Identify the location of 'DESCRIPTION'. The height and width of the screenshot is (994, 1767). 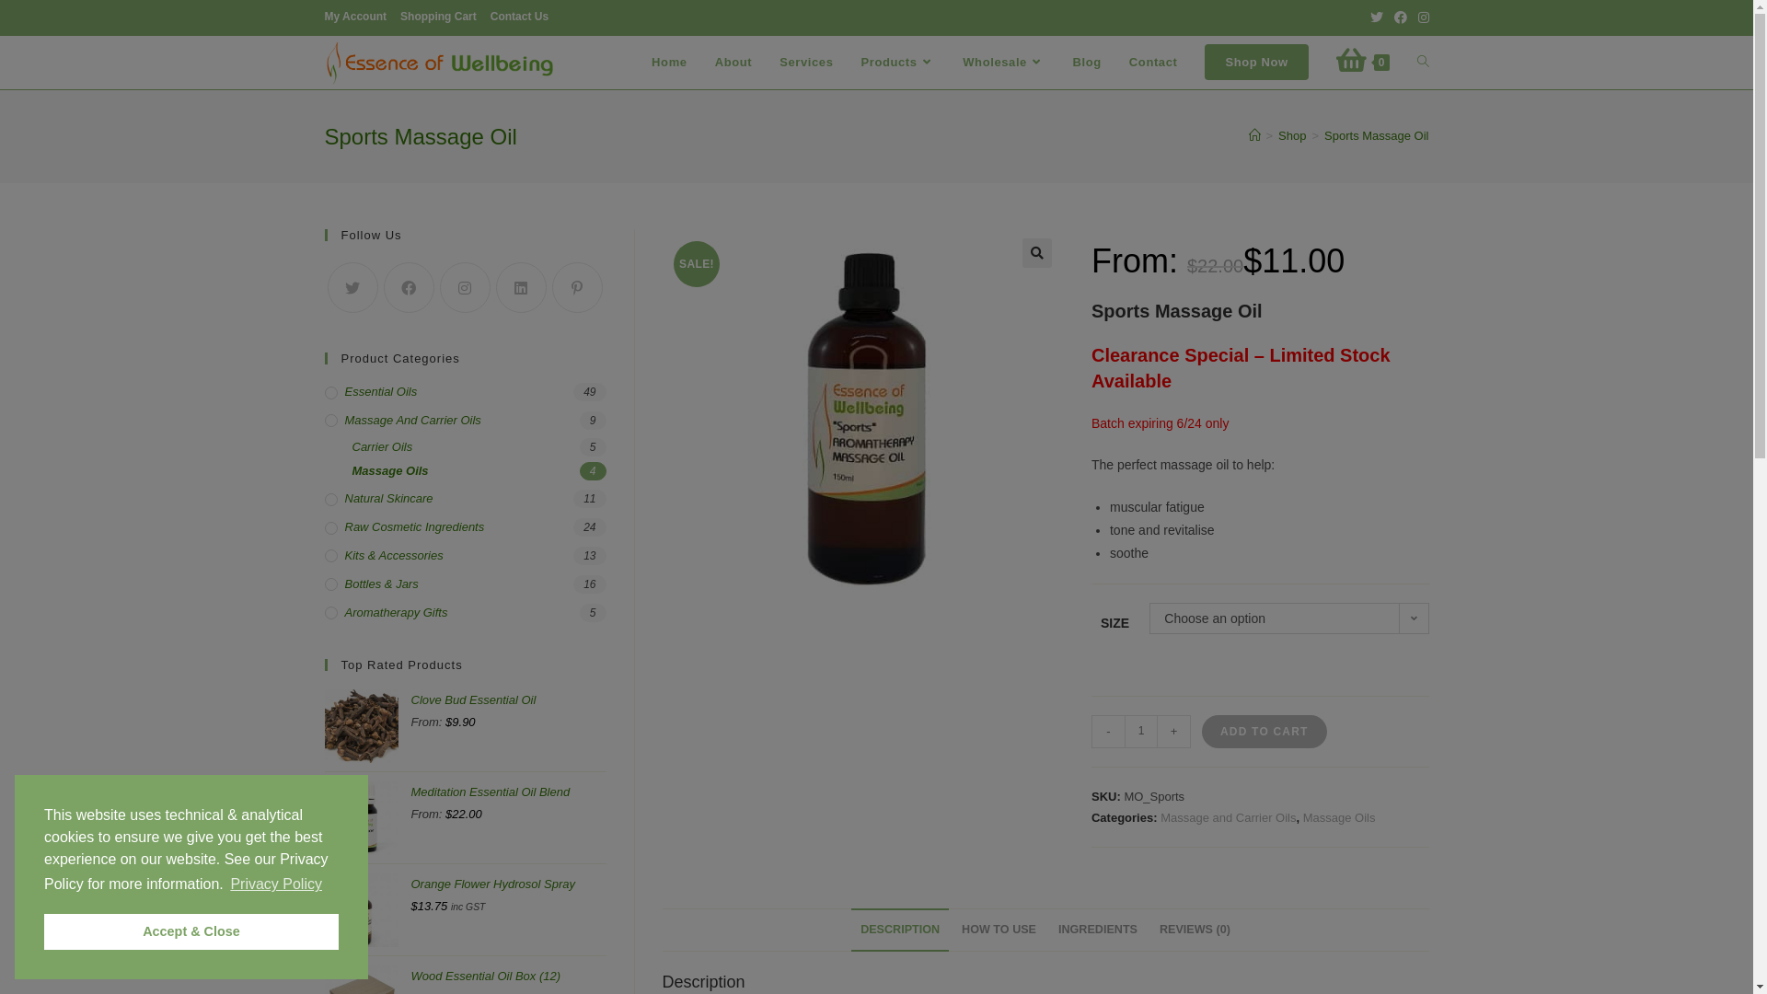
(850, 930).